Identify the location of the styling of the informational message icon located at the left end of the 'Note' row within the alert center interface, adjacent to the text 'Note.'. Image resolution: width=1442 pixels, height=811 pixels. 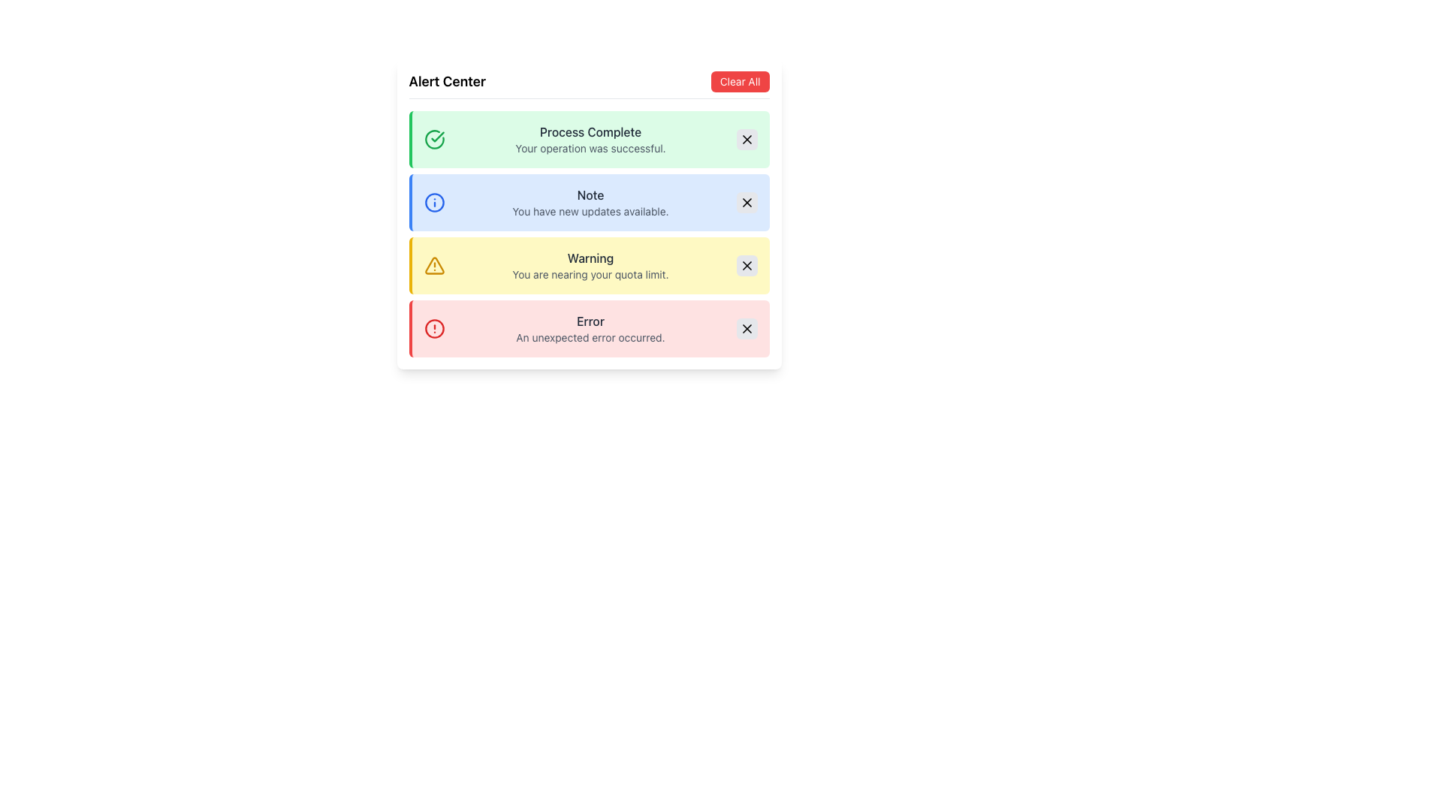
(433, 203).